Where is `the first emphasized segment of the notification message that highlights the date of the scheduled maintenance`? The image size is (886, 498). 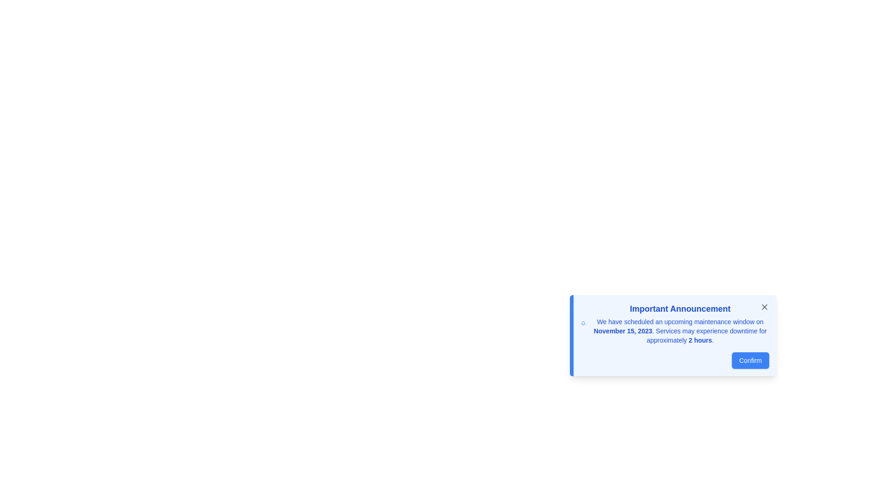
the first emphasized segment of the notification message that highlights the date of the scheduled maintenance is located at coordinates (623, 330).